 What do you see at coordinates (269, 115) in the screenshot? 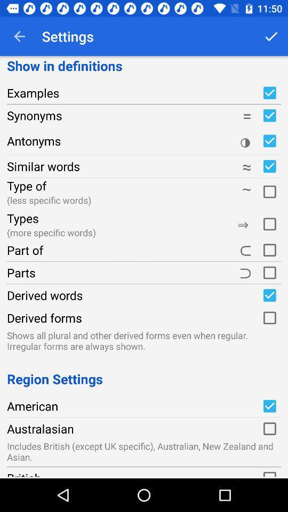
I see `show info yes/no tick box` at bounding box center [269, 115].